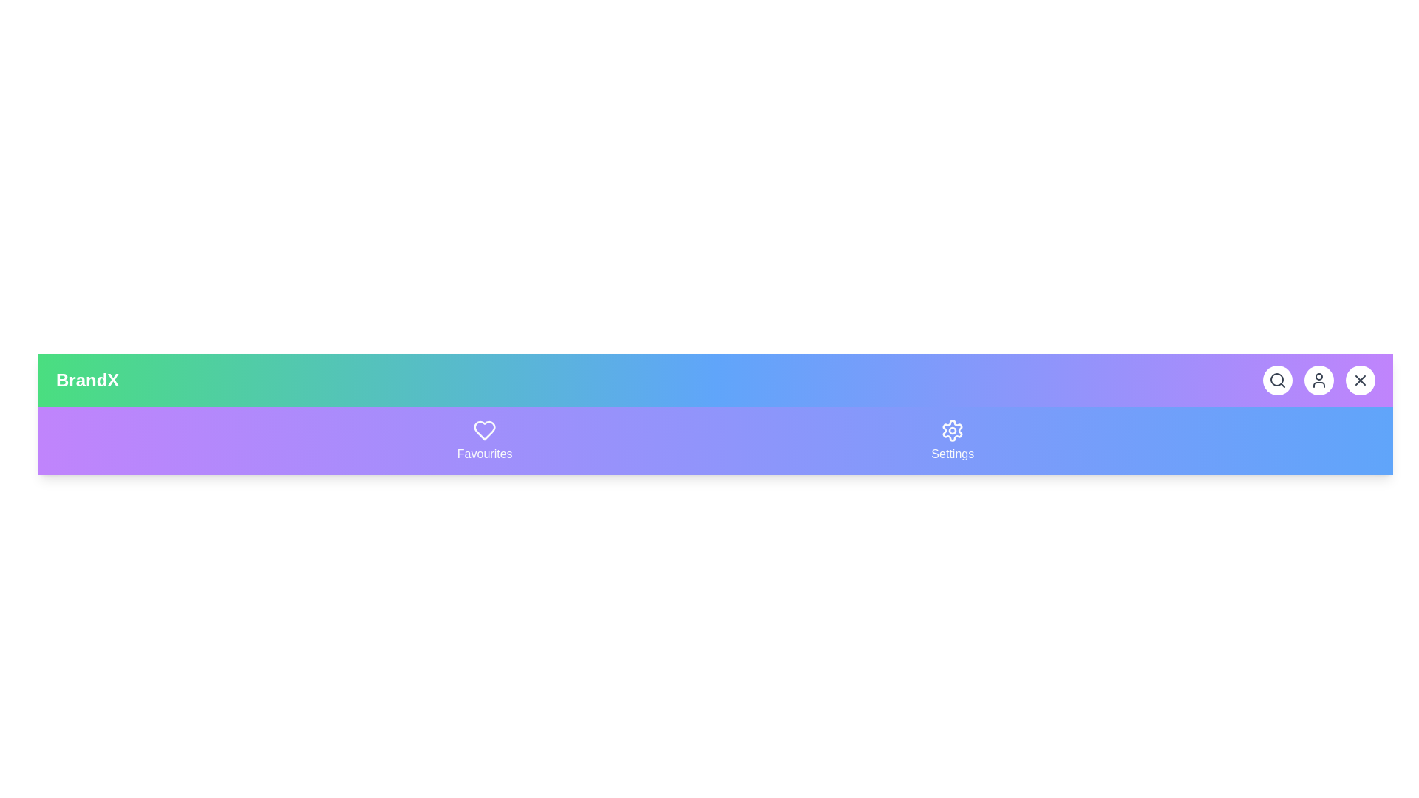  I want to click on the user profile button in the app bar, so click(1319, 380).